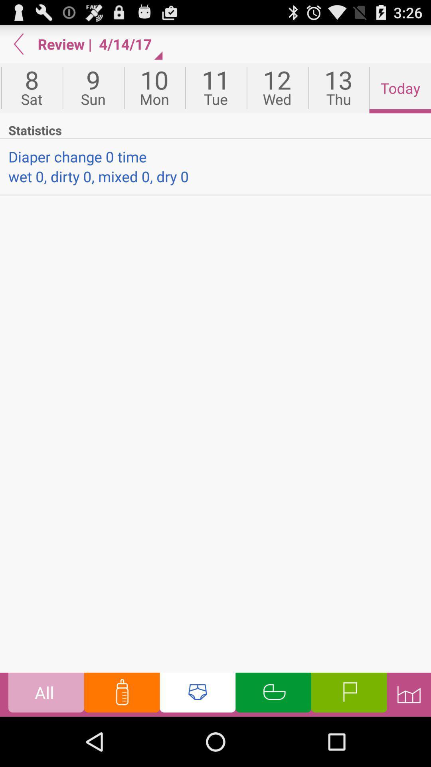 This screenshot has height=767, width=431. Describe the element at coordinates (198, 694) in the screenshot. I see `abba` at that location.